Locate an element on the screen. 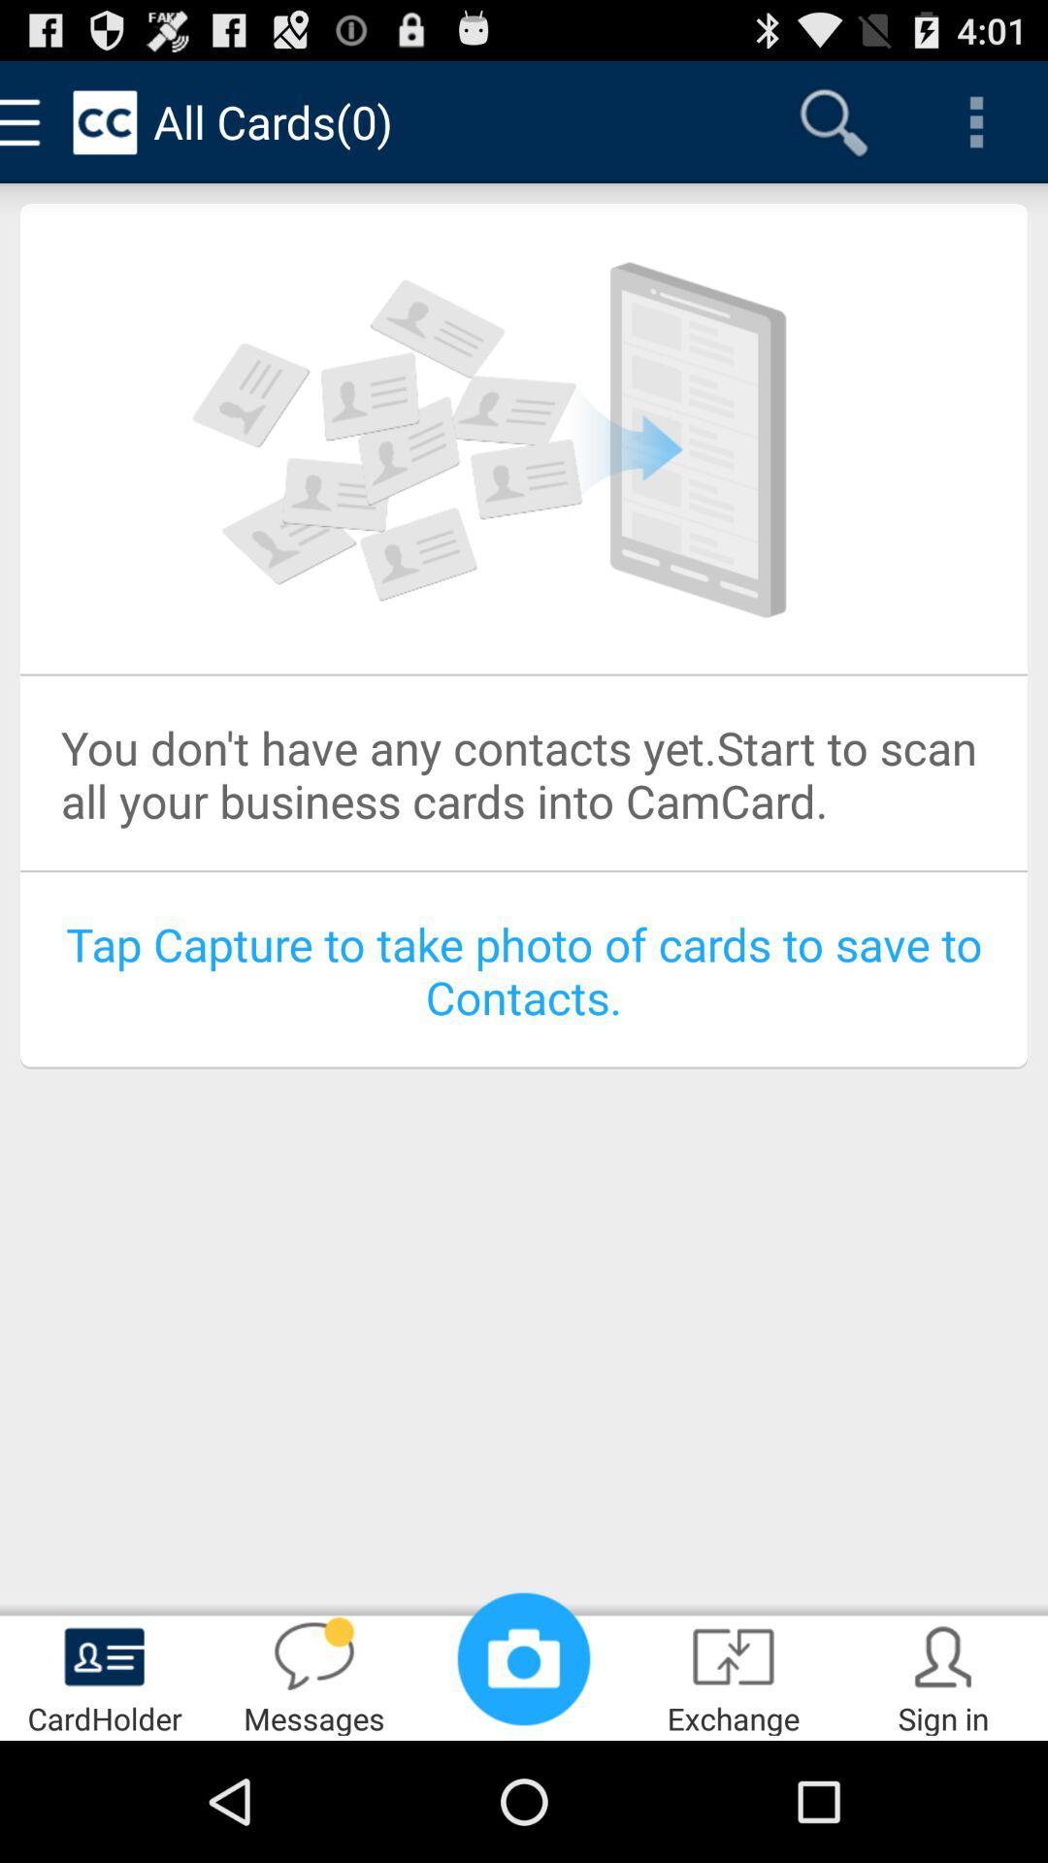  the cardholder app is located at coordinates (105, 1675).